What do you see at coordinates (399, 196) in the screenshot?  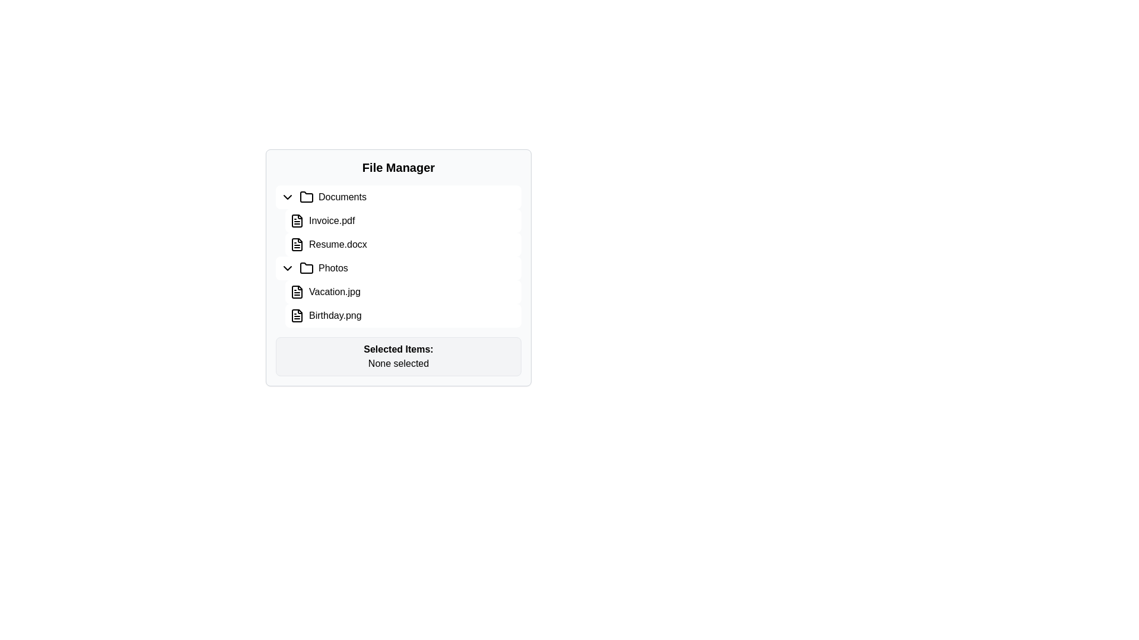 I see `the interactive list item representing a folder at the top of the file manager interface` at bounding box center [399, 196].